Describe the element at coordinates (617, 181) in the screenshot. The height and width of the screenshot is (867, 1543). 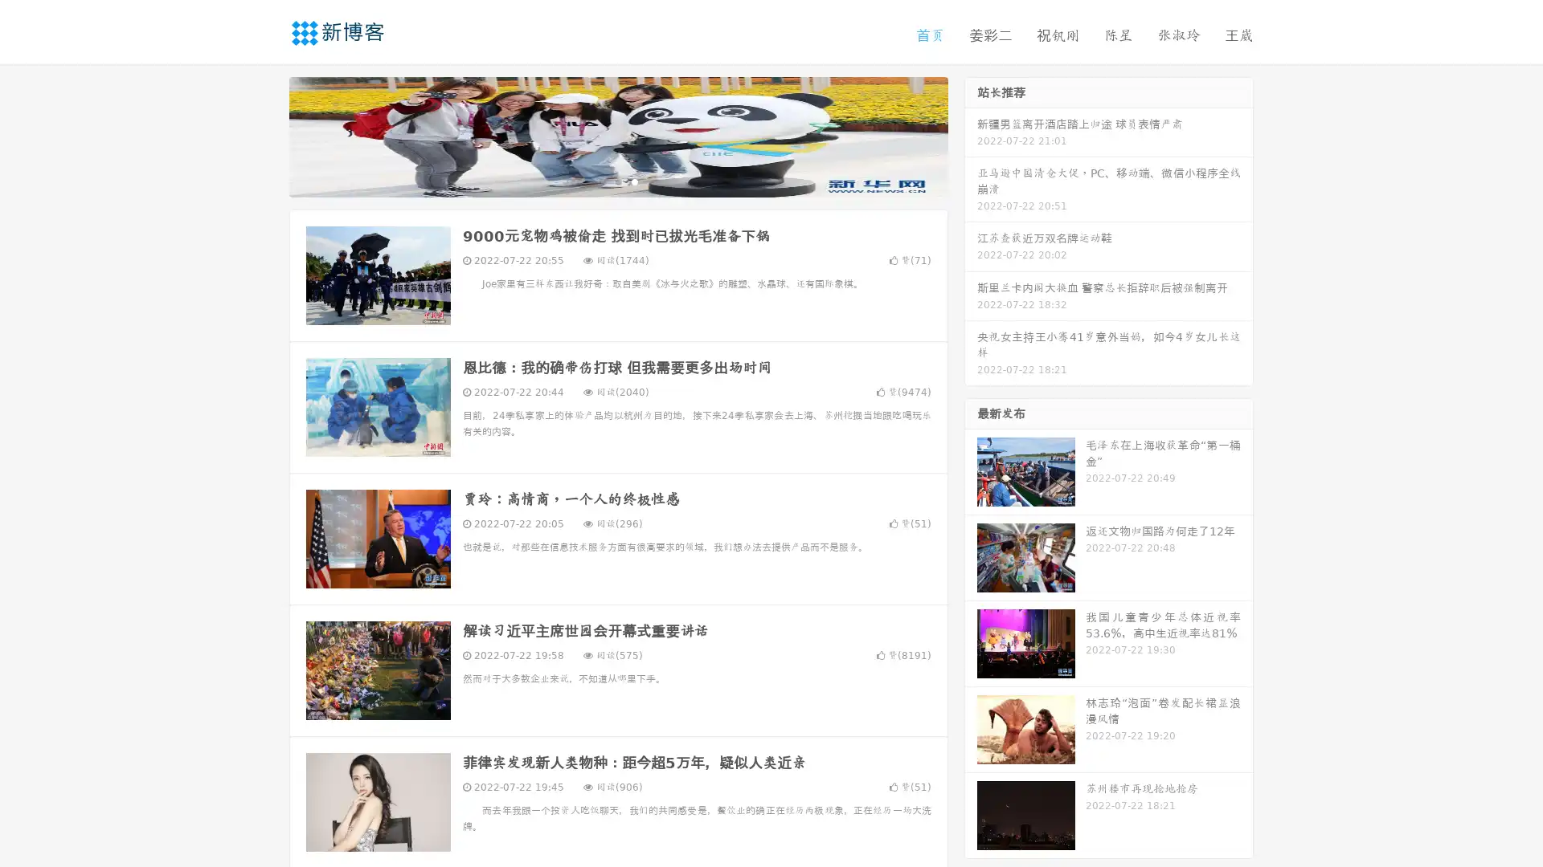
I see `Go to slide 2` at that location.